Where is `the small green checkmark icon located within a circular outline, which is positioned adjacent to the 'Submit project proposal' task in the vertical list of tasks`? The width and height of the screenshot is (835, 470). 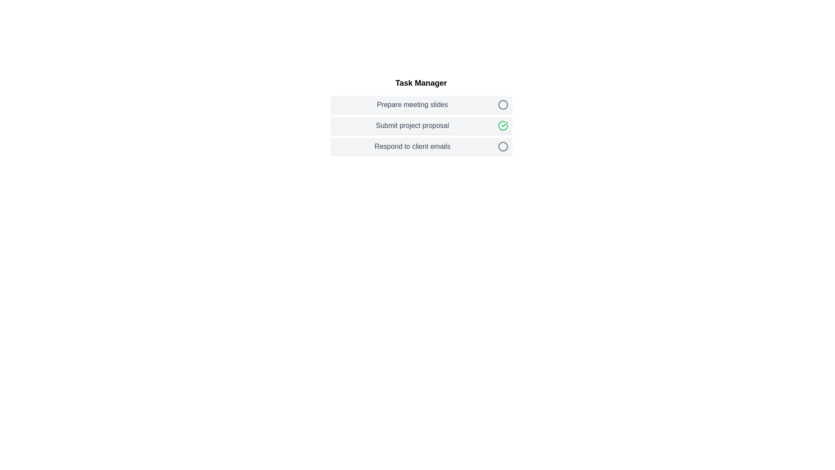
the small green checkmark icon located within a circular outline, which is positioned adjacent to the 'Submit project proposal' task in the vertical list of tasks is located at coordinates (504, 124).